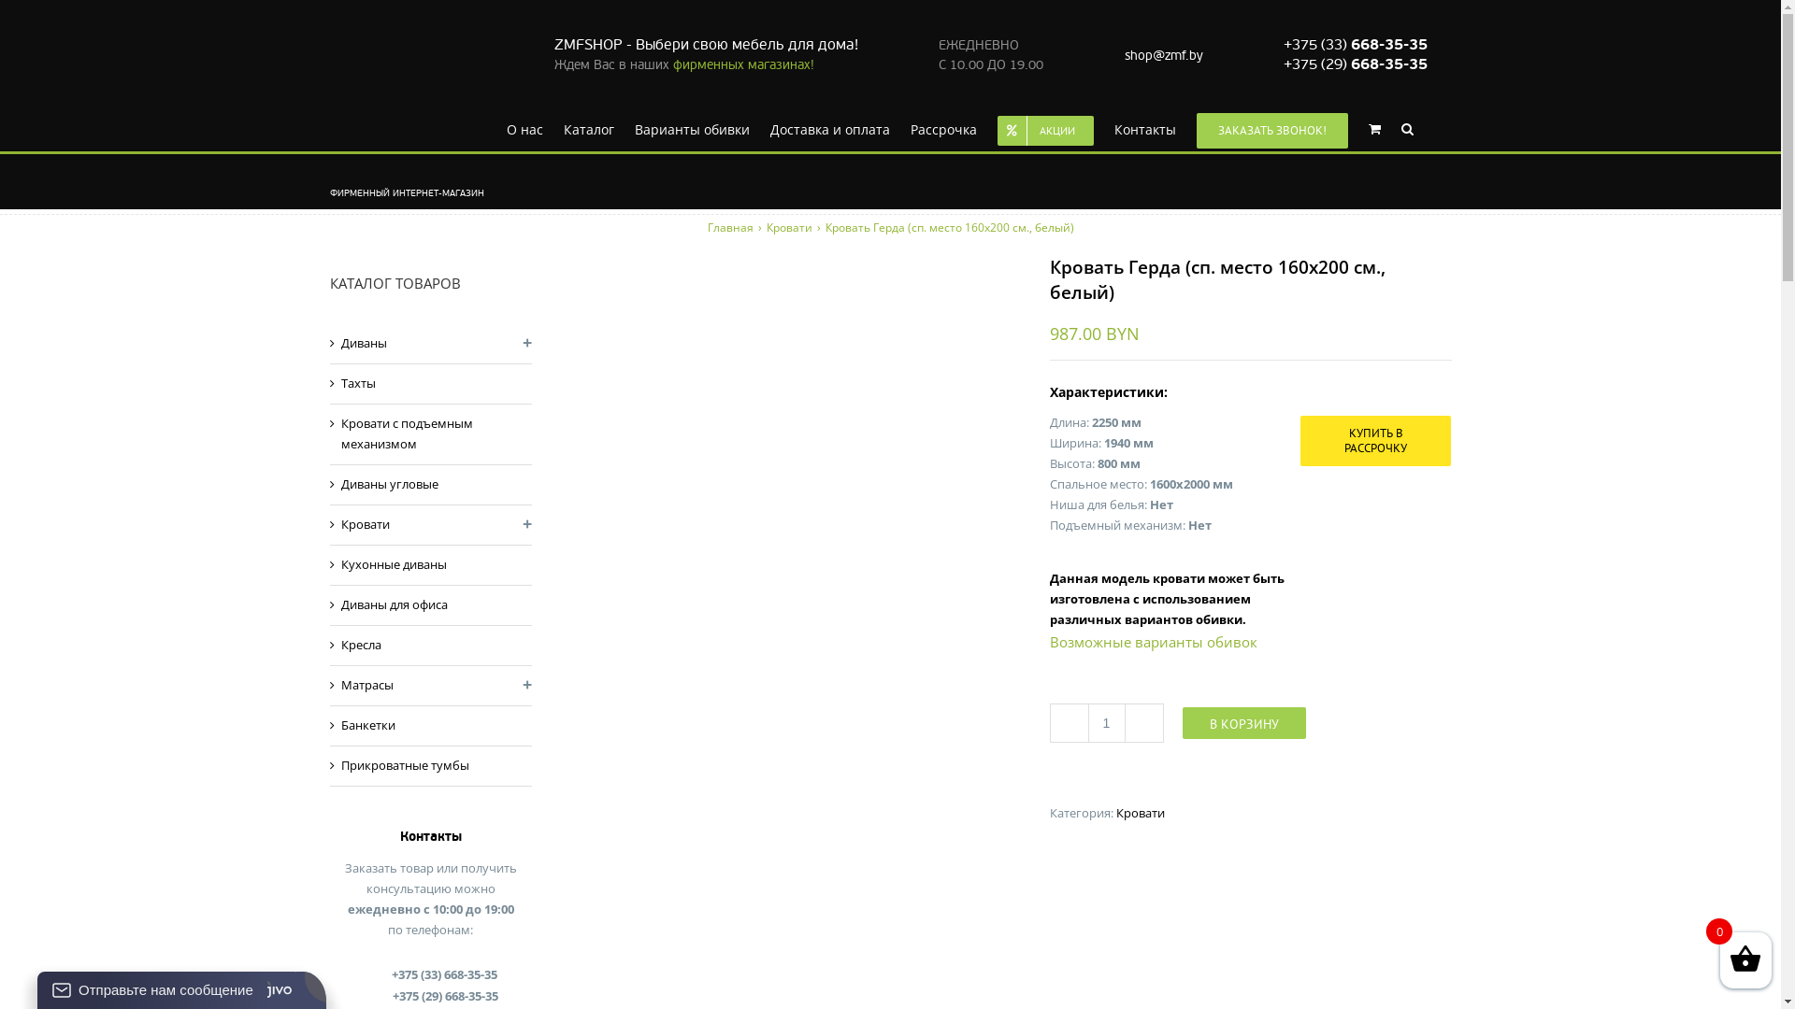 The image size is (1795, 1009). Describe the element at coordinates (1355, 43) in the screenshot. I see `'+375 (33) 668-35-35'` at that location.